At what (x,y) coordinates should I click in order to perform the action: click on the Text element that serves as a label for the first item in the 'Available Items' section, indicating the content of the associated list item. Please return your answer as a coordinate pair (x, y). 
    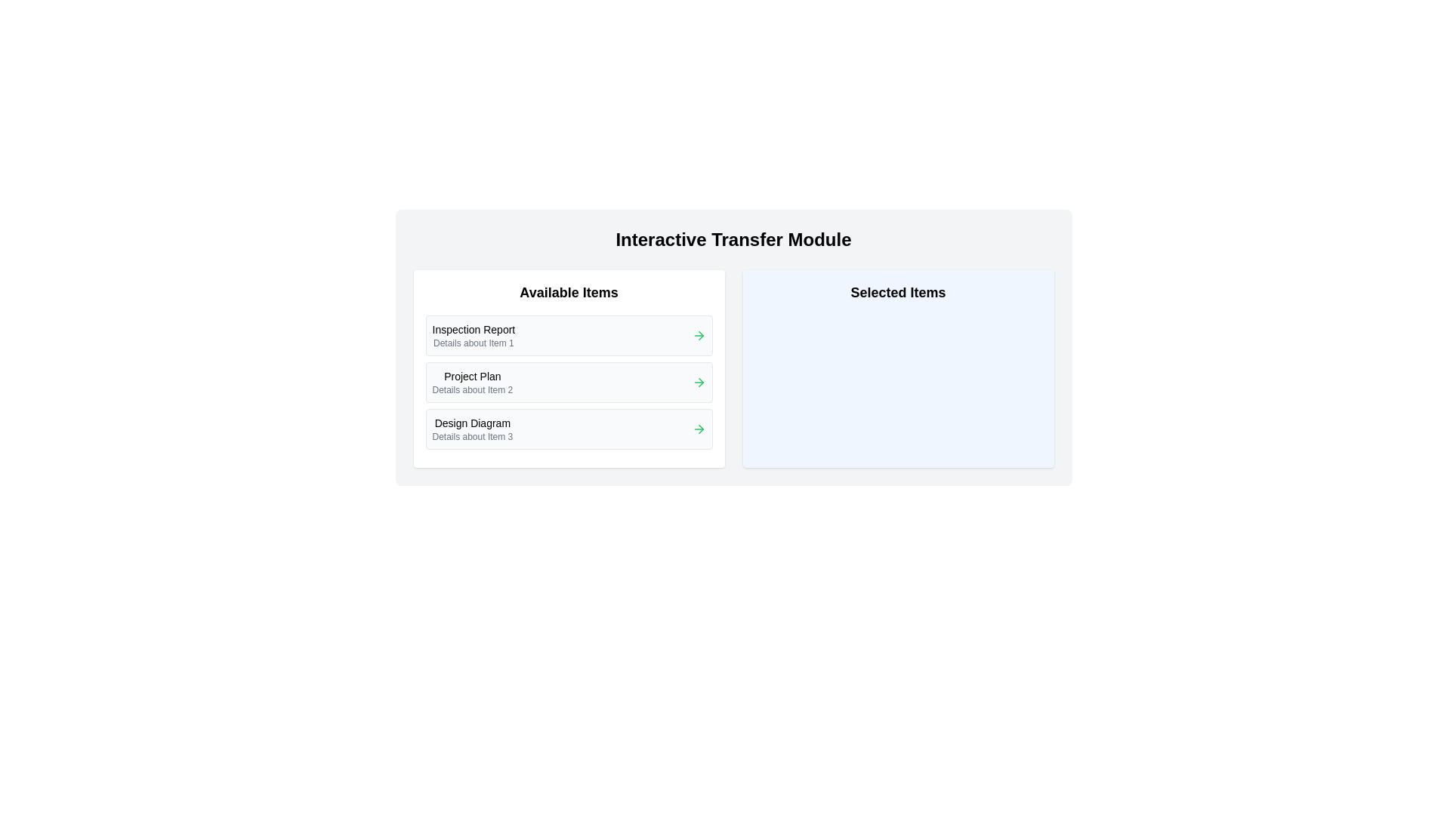
    Looking at the image, I should click on (473, 328).